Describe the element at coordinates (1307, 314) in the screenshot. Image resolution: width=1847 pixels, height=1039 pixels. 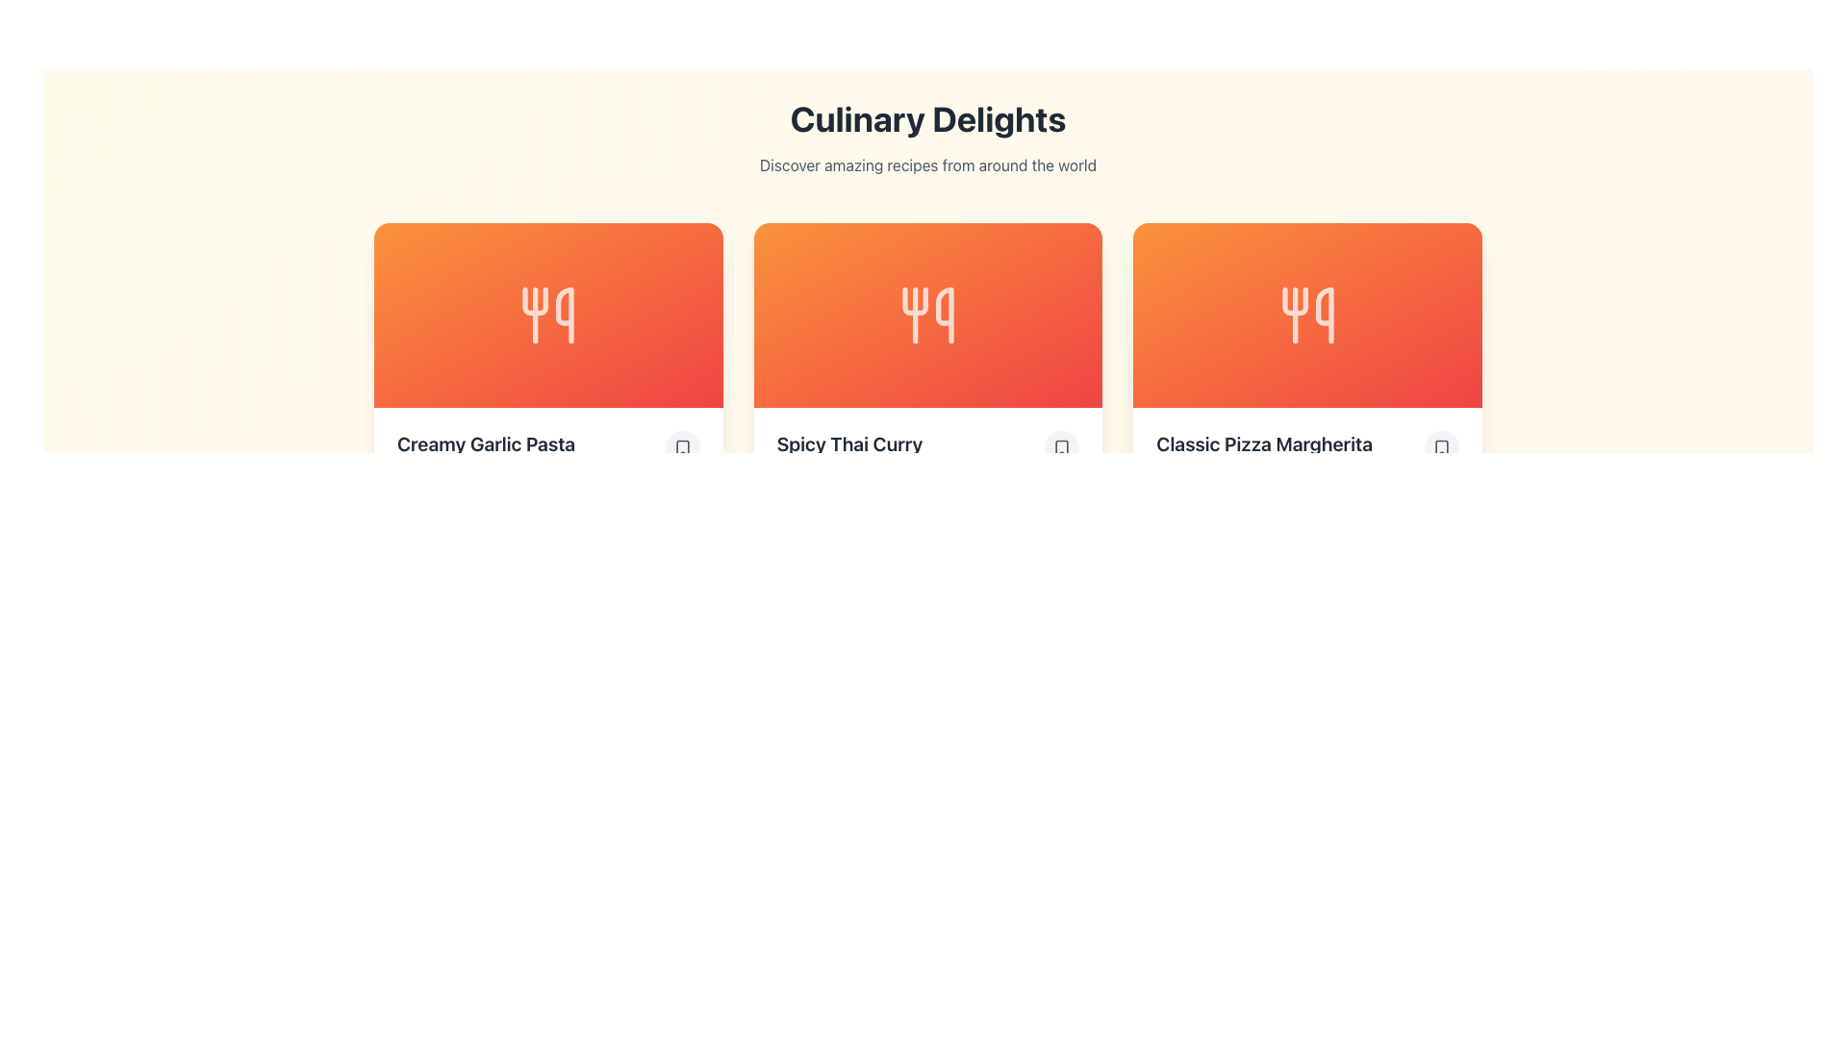
I see `the icon representing 'Spicy Thai Curry' located at the center of the middle card in the three-card layout under 'Culinary Delights'` at that location.